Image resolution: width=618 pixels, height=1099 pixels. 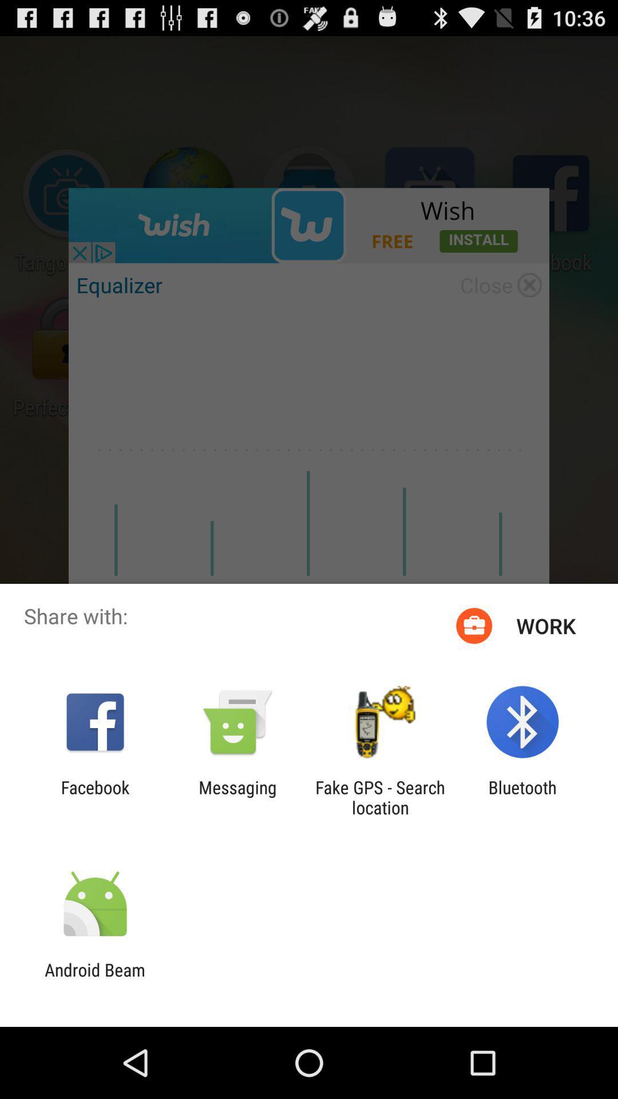 What do you see at coordinates (94, 979) in the screenshot?
I see `the android beam` at bounding box center [94, 979].